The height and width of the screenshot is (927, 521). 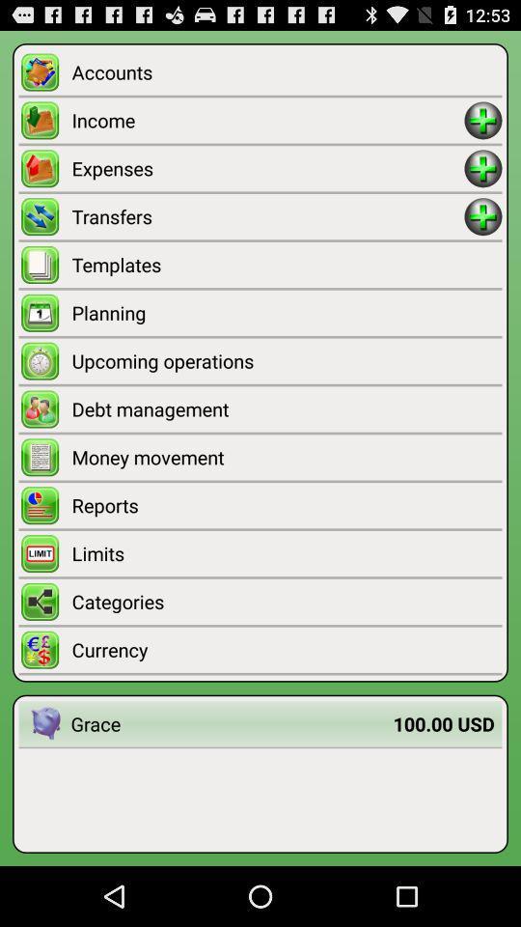 What do you see at coordinates (286, 359) in the screenshot?
I see `upcoming operations icon` at bounding box center [286, 359].